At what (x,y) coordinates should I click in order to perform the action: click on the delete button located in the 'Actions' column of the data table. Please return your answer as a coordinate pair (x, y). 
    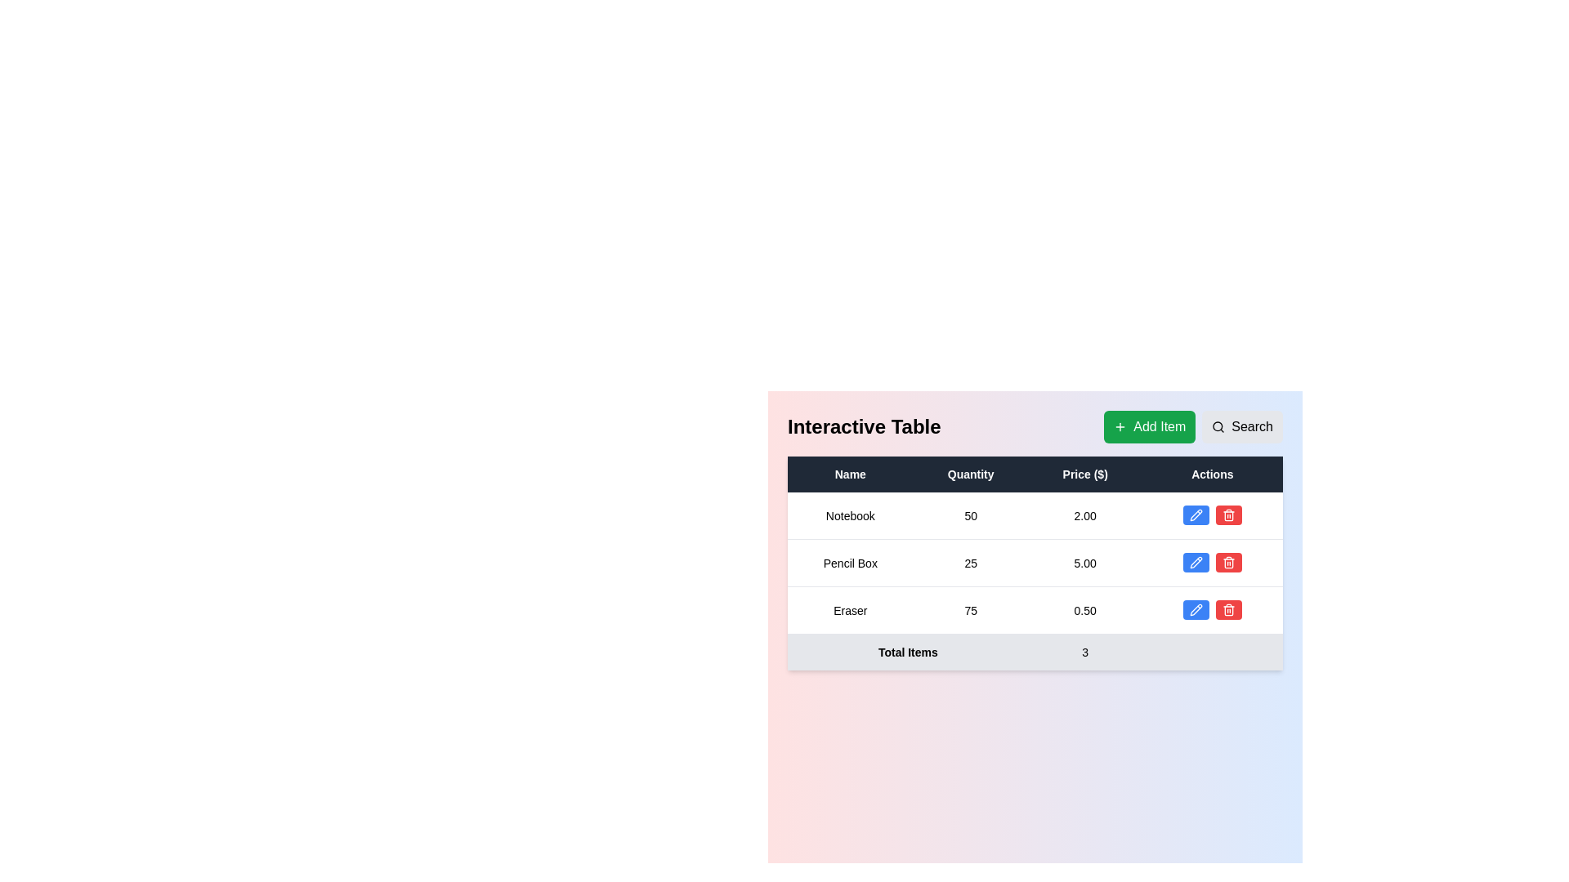
    Looking at the image, I should click on (1228, 515).